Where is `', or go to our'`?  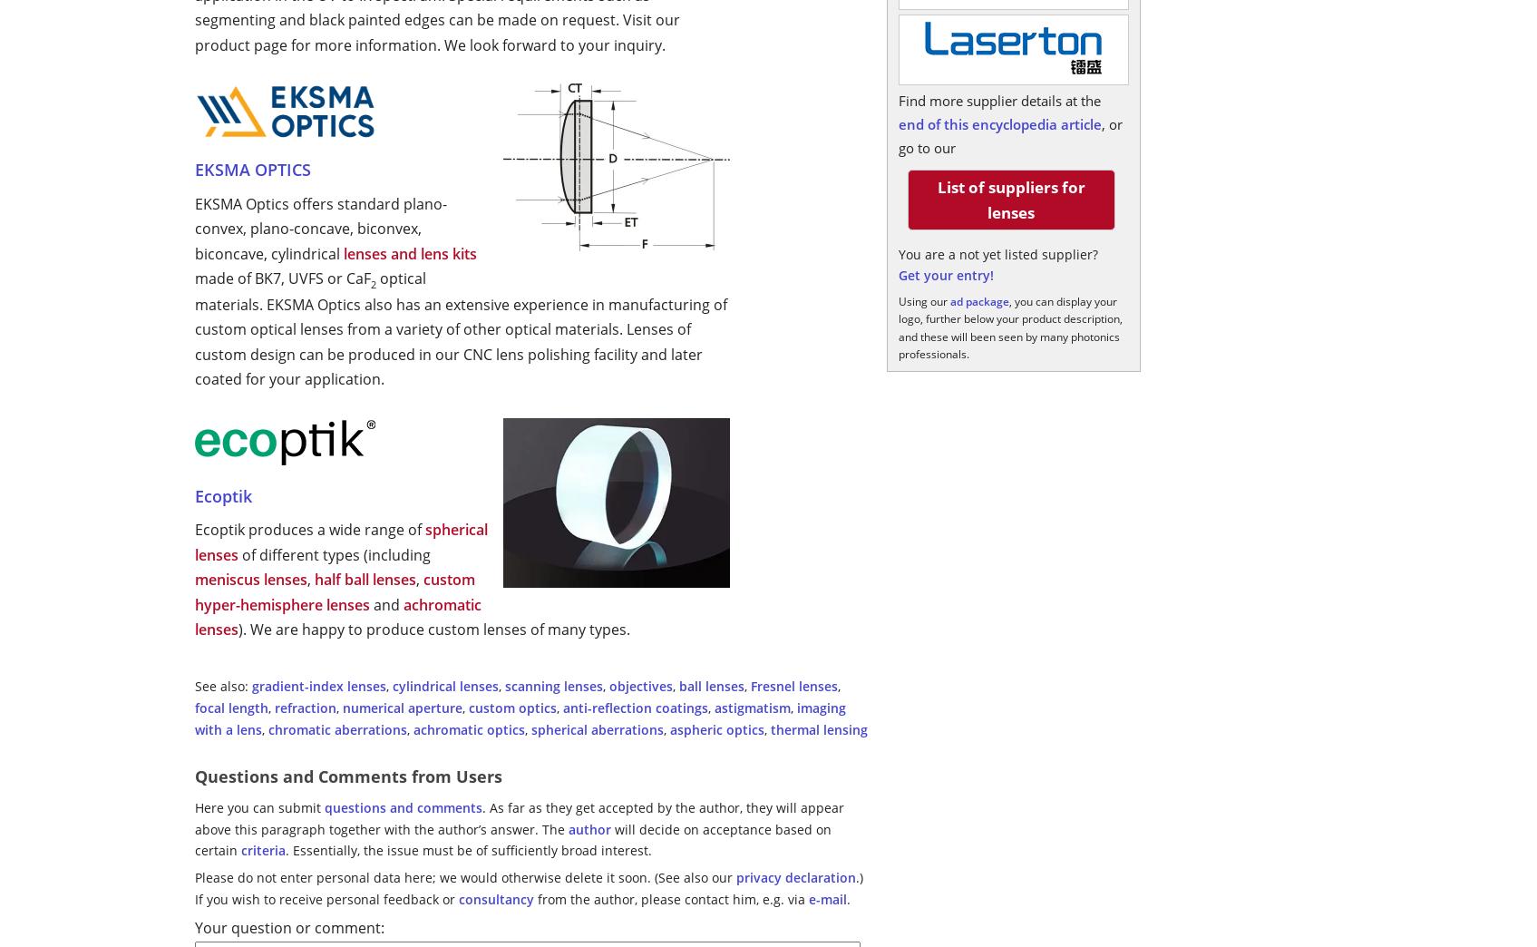 ', or go to our' is located at coordinates (1008, 135).